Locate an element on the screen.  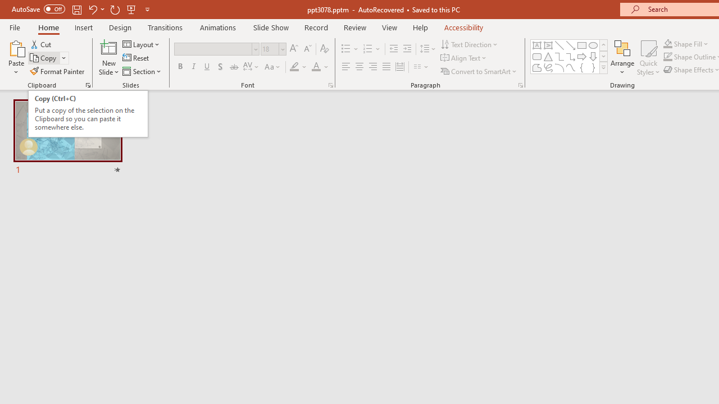
'Arc' is located at coordinates (559, 67).